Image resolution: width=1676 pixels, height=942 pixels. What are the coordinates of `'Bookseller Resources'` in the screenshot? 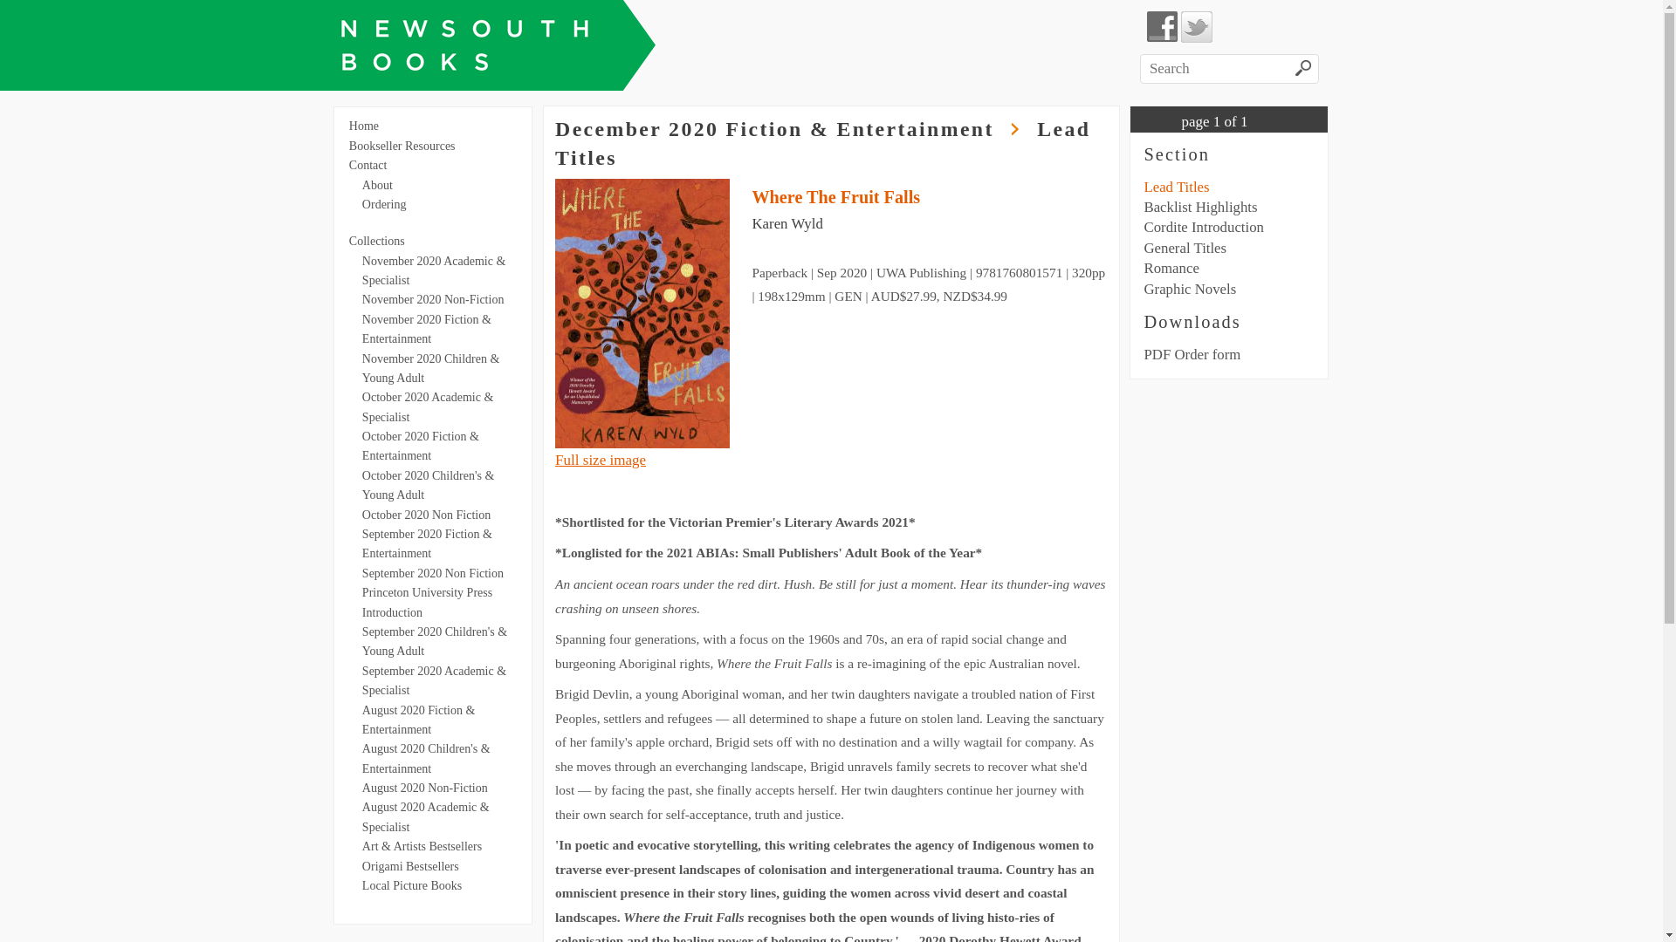 It's located at (401, 145).